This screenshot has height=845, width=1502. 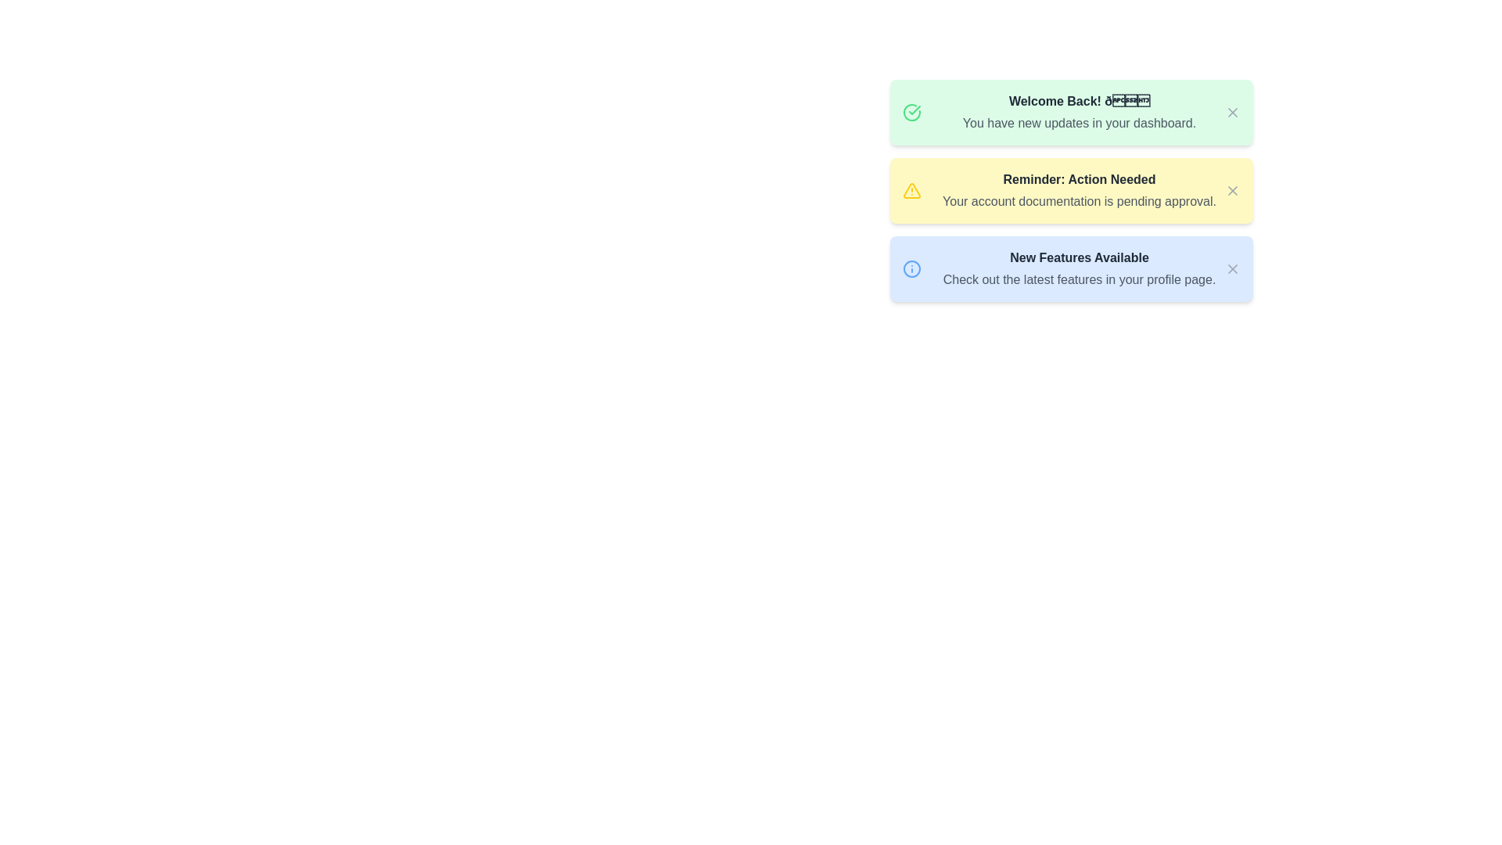 What do you see at coordinates (1231, 268) in the screenshot?
I see `the interactive close icon represented as an 'X' in light gray` at bounding box center [1231, 268].